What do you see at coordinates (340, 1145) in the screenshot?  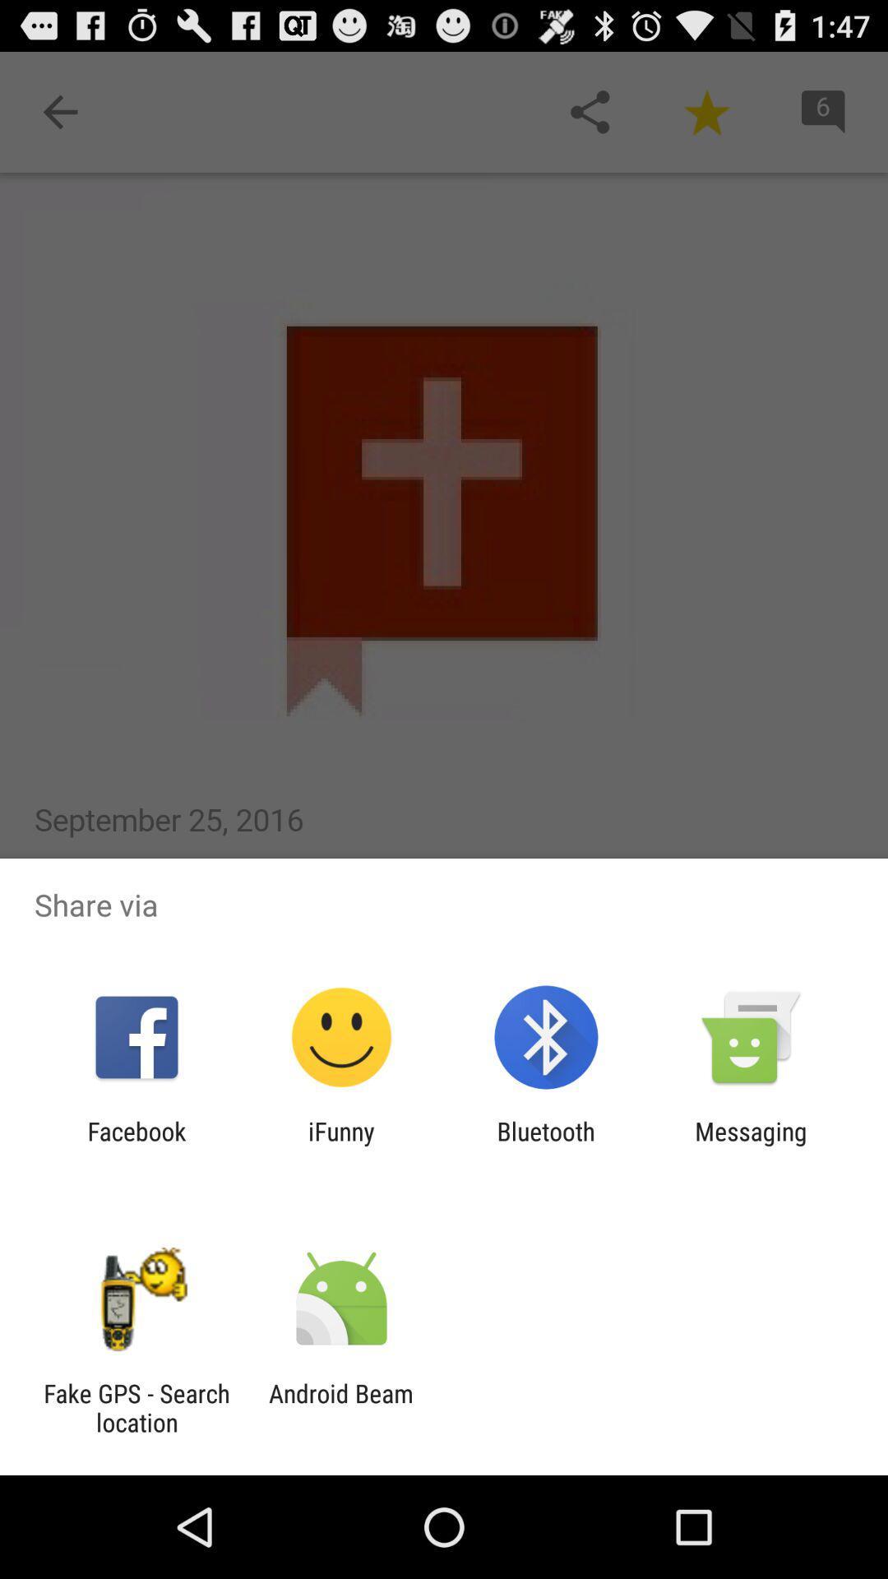 I see `item next to the bluetooth item` at bounding box center [340, 1145].